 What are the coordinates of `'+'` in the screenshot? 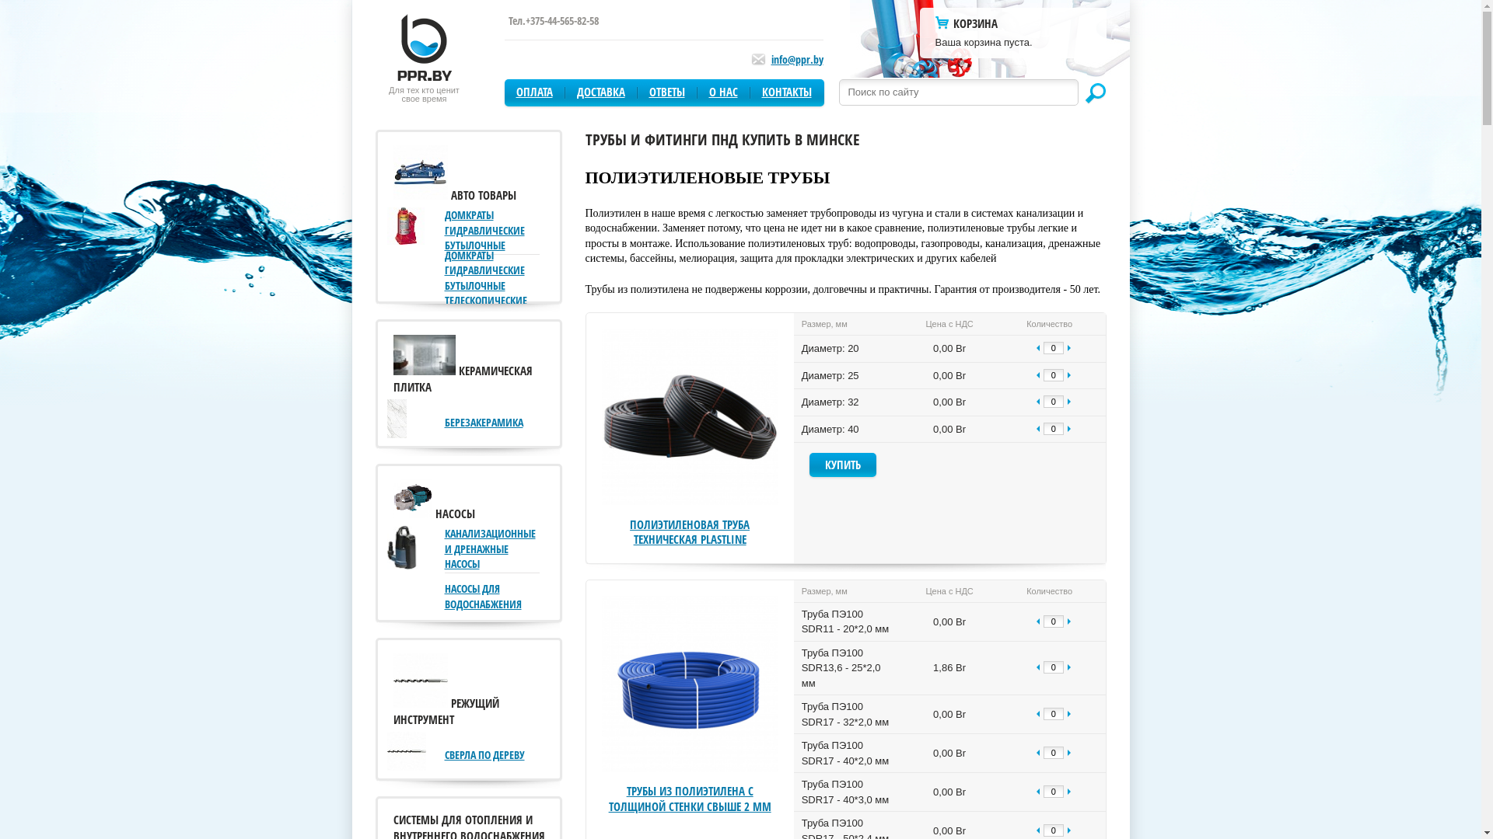 It's located at (1068, 429).